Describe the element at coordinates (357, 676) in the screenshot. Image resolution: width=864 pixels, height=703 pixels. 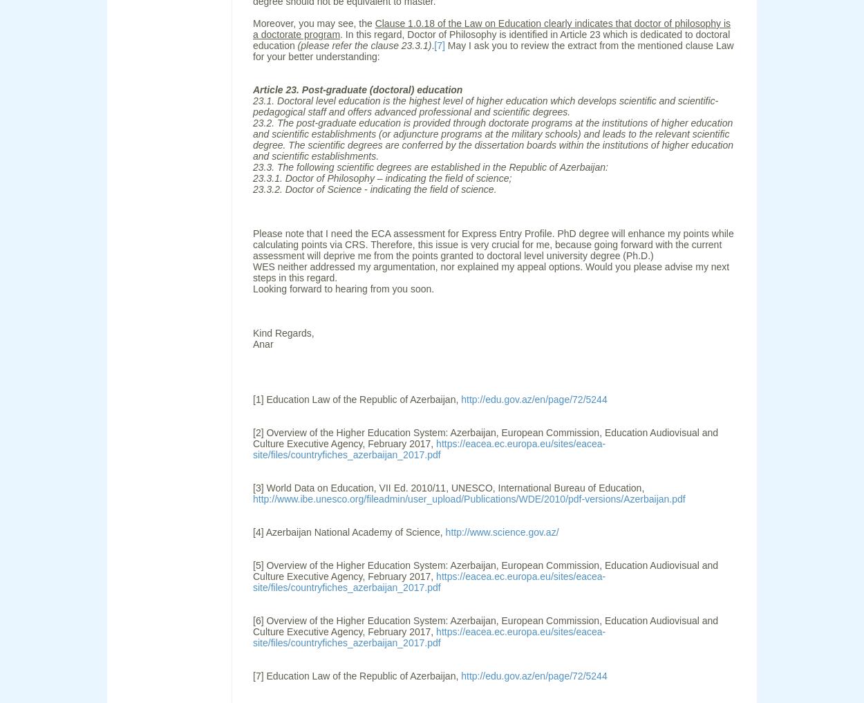
I see `'[7] Education Law of the Republic of Azerbaijan,'` at that location.